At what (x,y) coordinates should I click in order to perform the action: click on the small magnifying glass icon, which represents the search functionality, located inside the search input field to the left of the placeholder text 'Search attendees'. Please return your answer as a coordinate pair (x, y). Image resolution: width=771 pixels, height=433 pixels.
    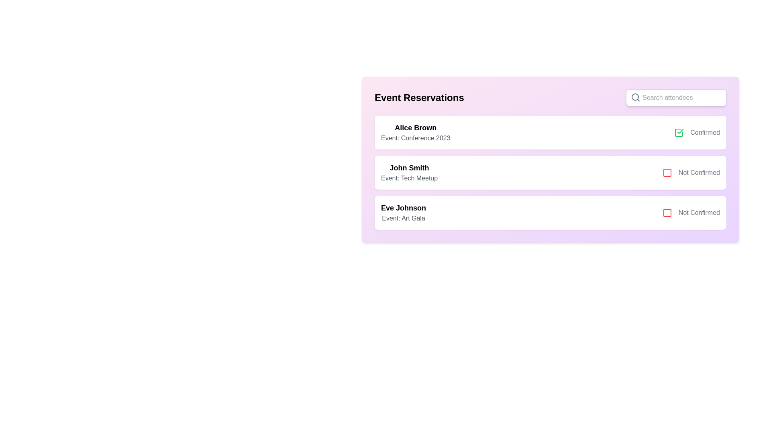
    Looking at the image, I should click on (635, 97).